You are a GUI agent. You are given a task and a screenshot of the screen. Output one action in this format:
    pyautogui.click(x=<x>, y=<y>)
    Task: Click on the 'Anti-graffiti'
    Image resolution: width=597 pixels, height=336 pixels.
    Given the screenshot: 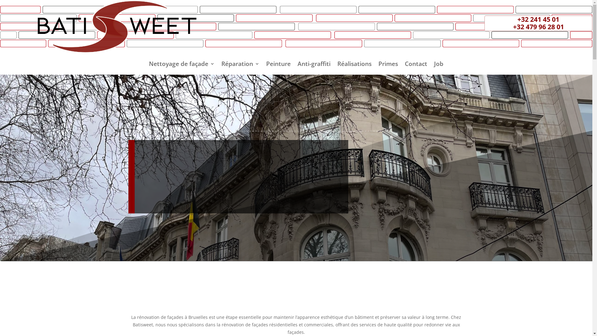 What is the action you would take?
    pyautogui.click(x=314, y=65)
    